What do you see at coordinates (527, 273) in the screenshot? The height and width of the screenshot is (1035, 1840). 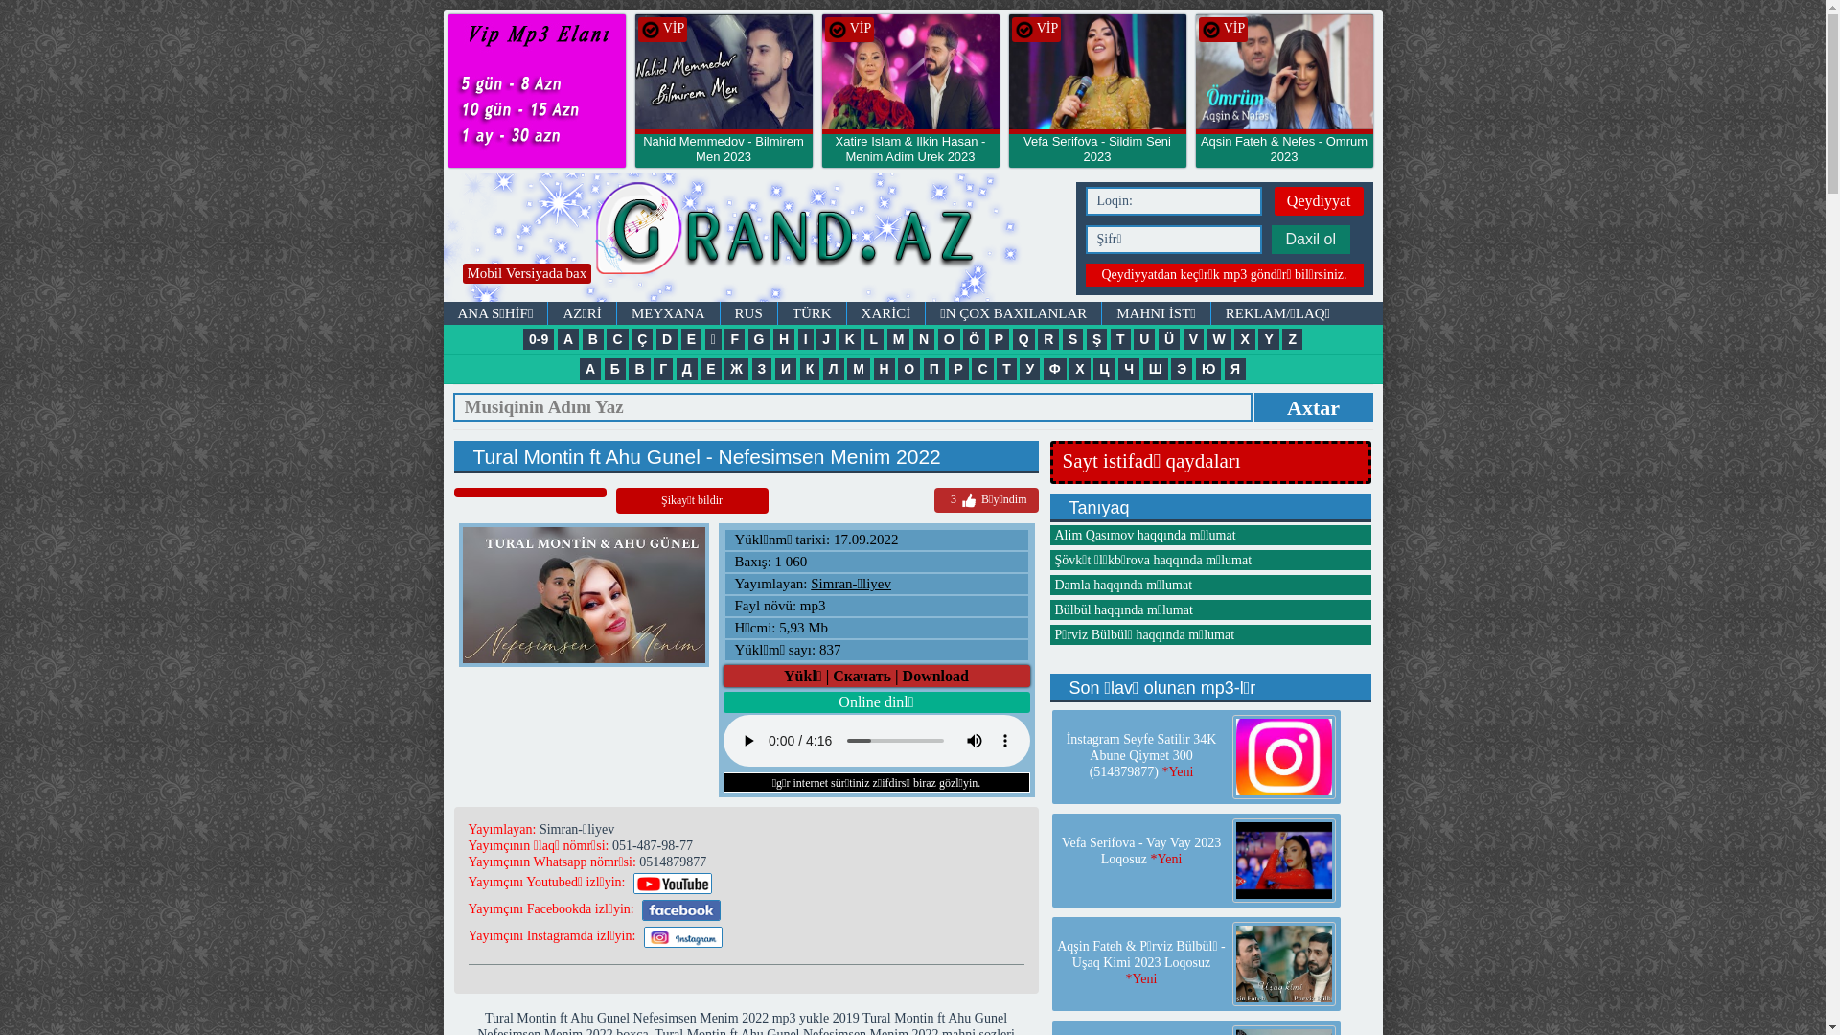 I see `'Mobil Versiyada bax'` at bounding box center [527, 273].